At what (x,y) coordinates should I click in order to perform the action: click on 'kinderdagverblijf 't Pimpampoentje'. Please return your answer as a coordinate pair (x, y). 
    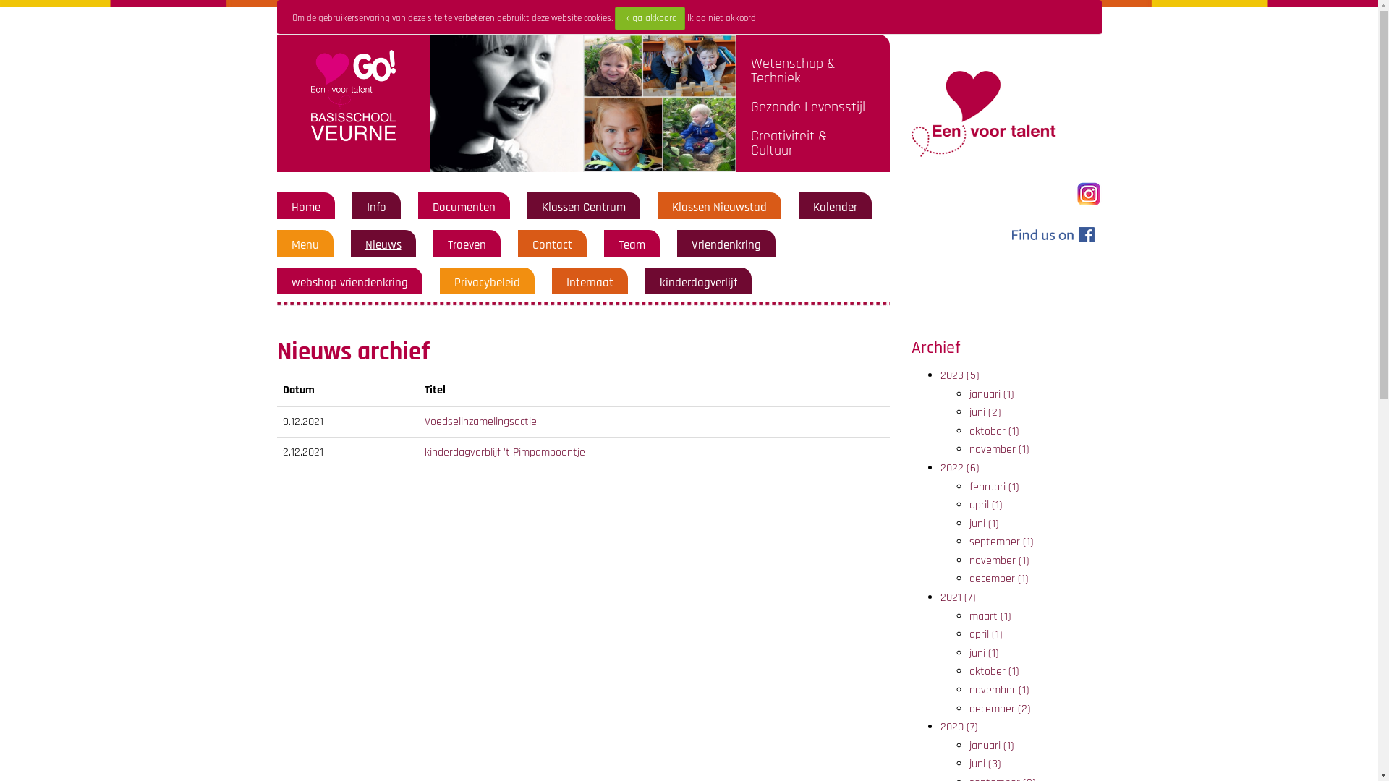
    Looking at the image, I should click on (504, 451).